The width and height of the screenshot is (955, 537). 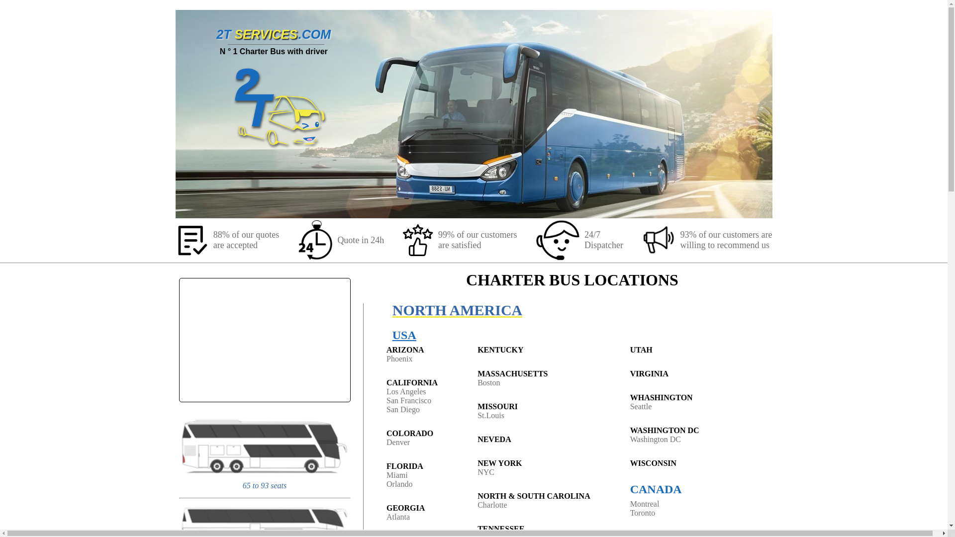 What do you see at coordinates (494, 439) in the screenshot?
I see `'NEVEDA'` at bounding box center [494, 439].